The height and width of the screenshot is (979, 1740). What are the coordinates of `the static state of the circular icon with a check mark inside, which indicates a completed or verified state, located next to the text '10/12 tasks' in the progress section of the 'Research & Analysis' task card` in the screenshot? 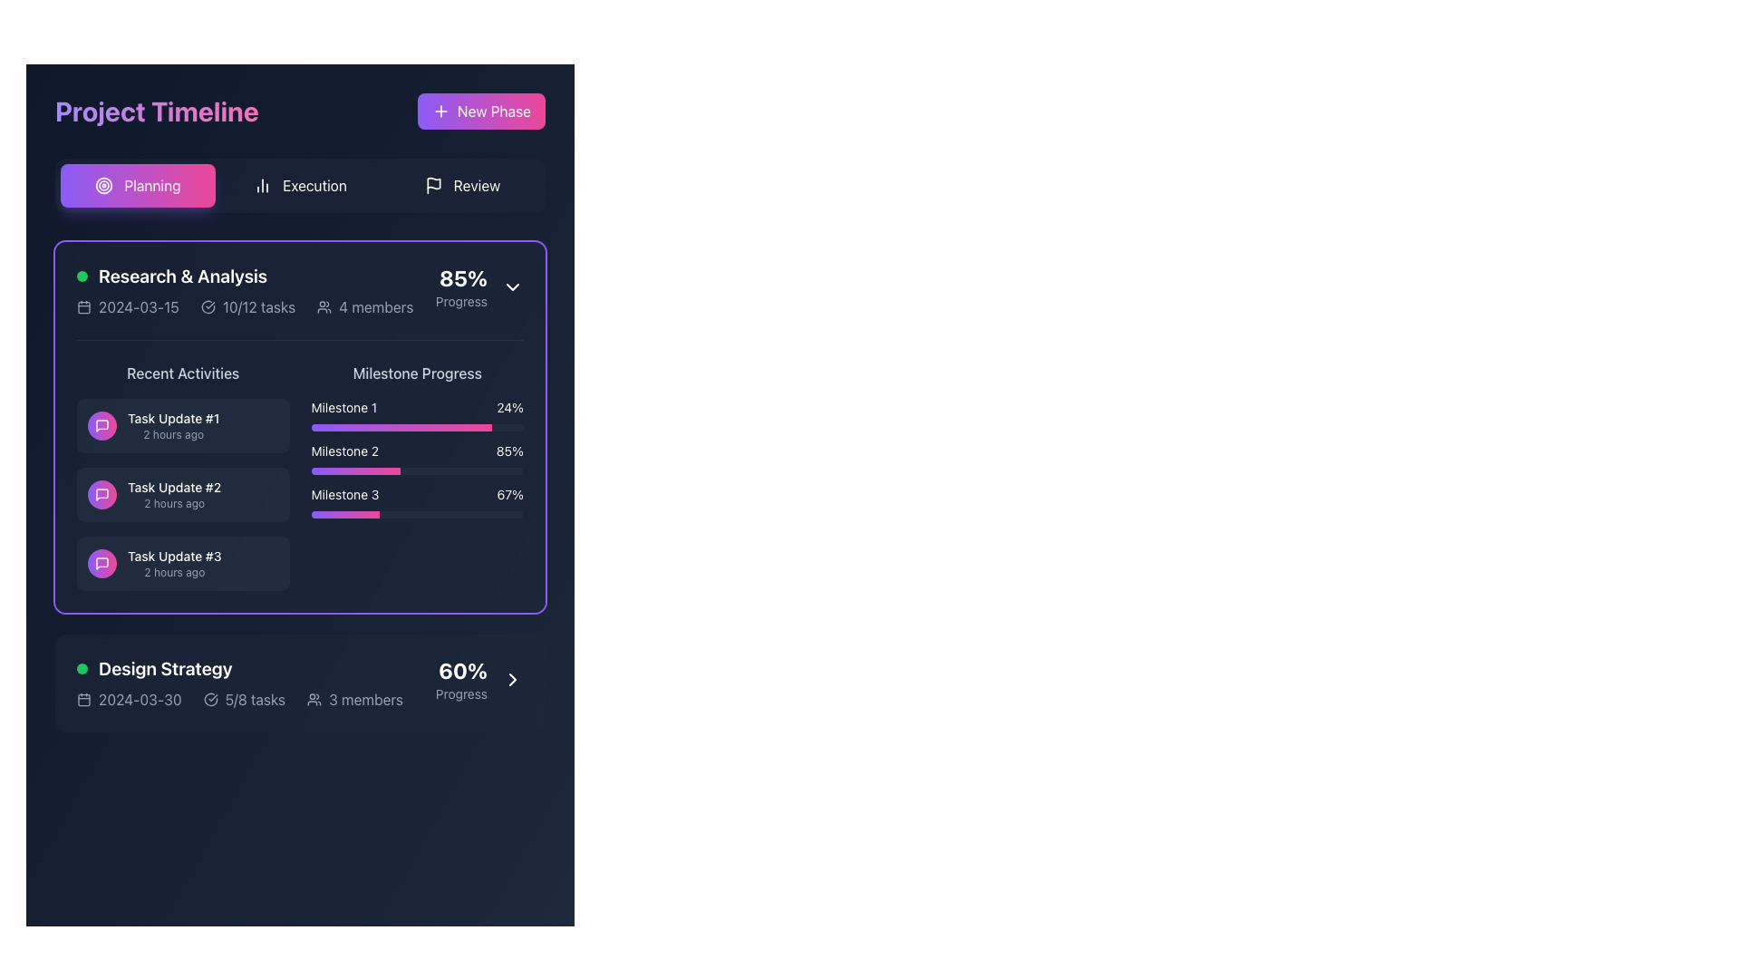 It's located at (208, 306).